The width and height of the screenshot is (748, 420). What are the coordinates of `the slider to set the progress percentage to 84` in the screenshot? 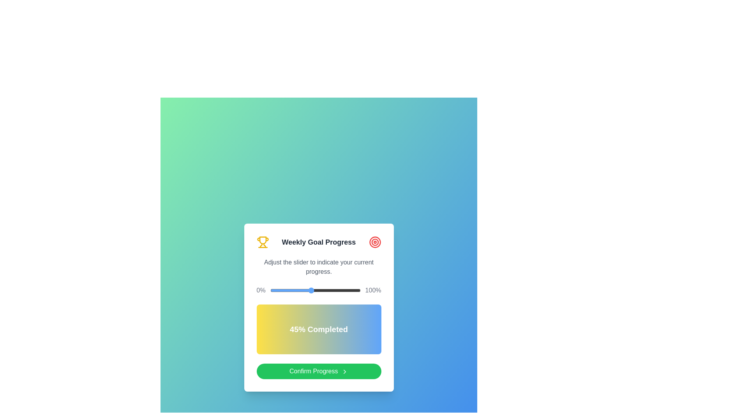 It's located at (346, 290).